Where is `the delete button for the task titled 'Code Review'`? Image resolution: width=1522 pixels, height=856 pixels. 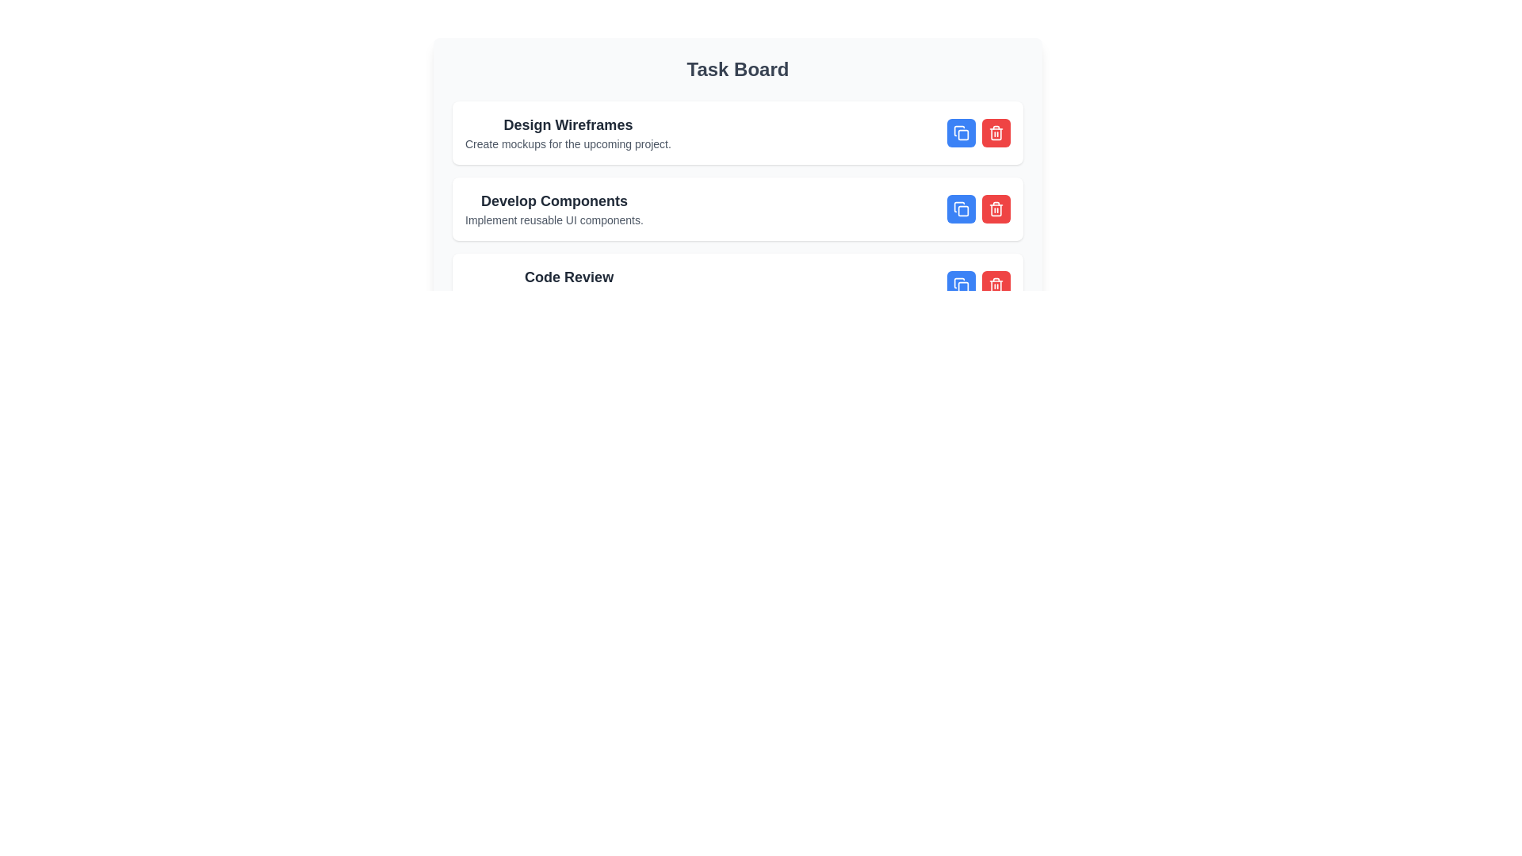
the delete button for the task titled 'Code Review' is located at coordinates (996, 284).